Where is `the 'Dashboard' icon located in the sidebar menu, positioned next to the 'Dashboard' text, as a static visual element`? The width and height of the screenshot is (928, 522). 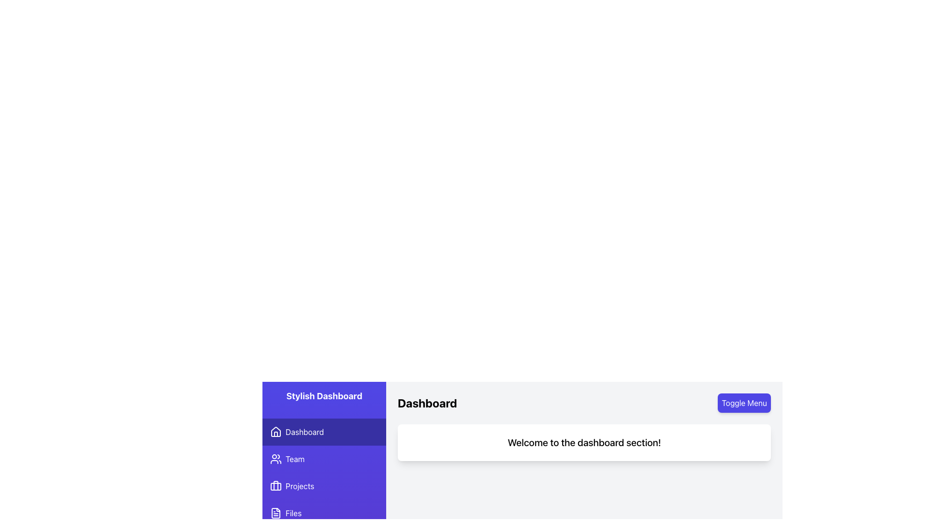 the 'Dashboard' icon located in the sidebar menu, positioned next to the 'Dashboard' text, as a static visual element is located at coordinates (275, 432).